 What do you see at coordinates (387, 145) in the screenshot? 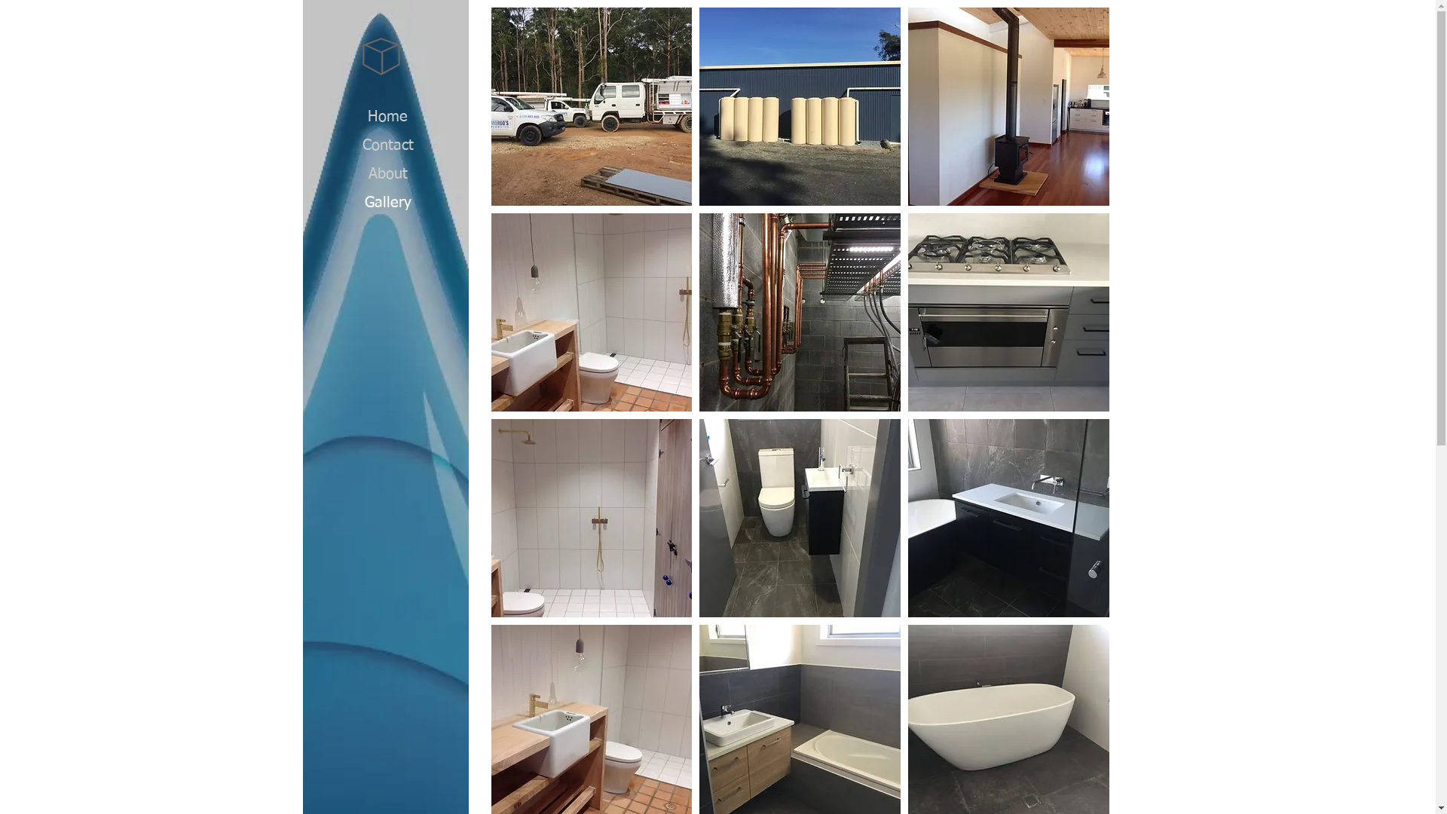
I see `'Contact'` at bounding box center [387, 145].